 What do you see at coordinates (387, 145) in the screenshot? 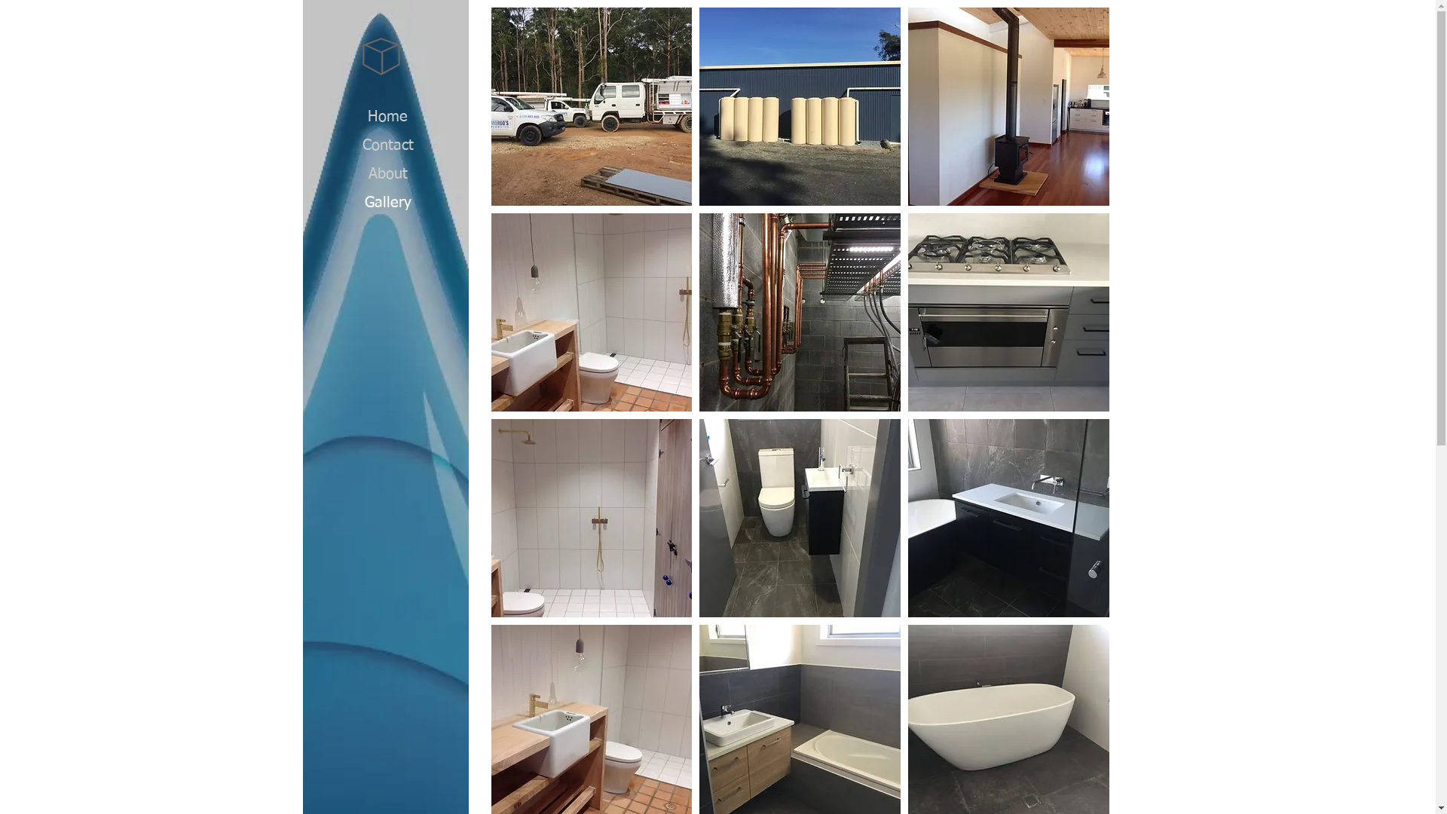
I see `'Contact'` at bounding box center [387, 145].